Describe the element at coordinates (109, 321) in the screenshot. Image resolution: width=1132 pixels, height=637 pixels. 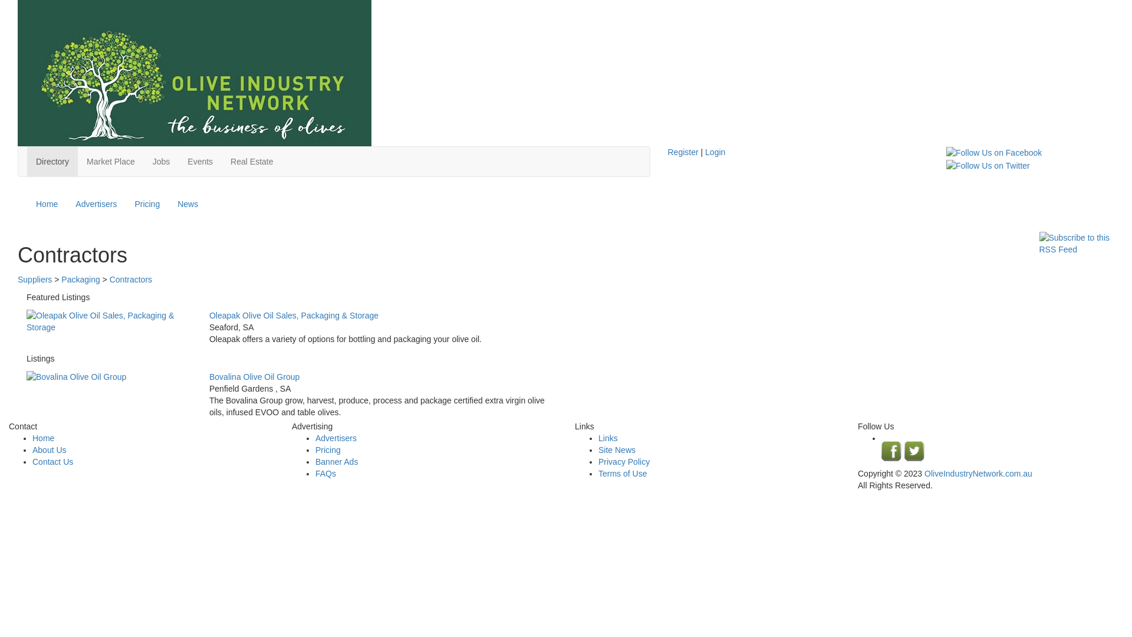
I see `'Oleapak Olive Oil Sales, Packaging & Storage'` at that location.